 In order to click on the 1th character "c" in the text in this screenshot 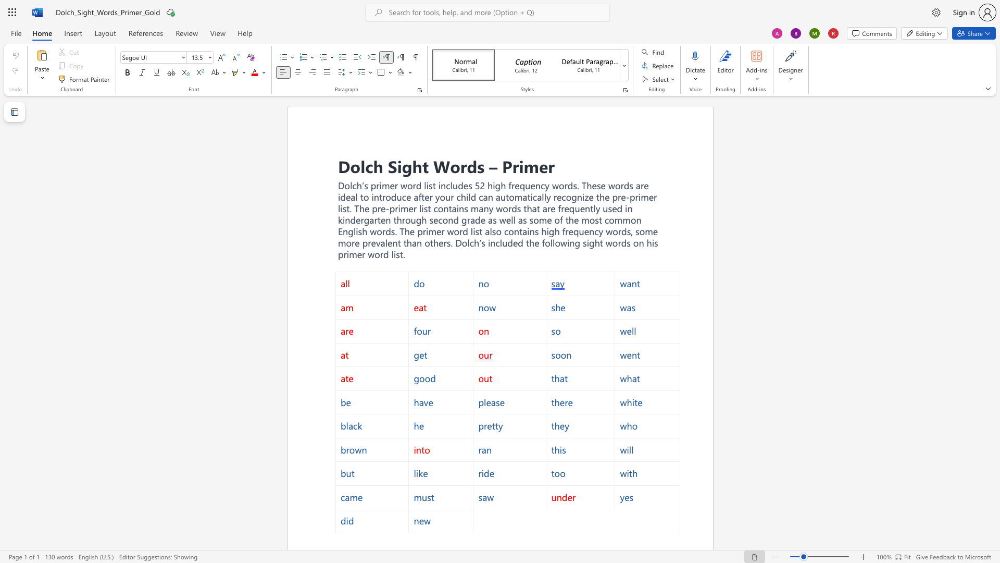, I will do `click(369, 165)`.